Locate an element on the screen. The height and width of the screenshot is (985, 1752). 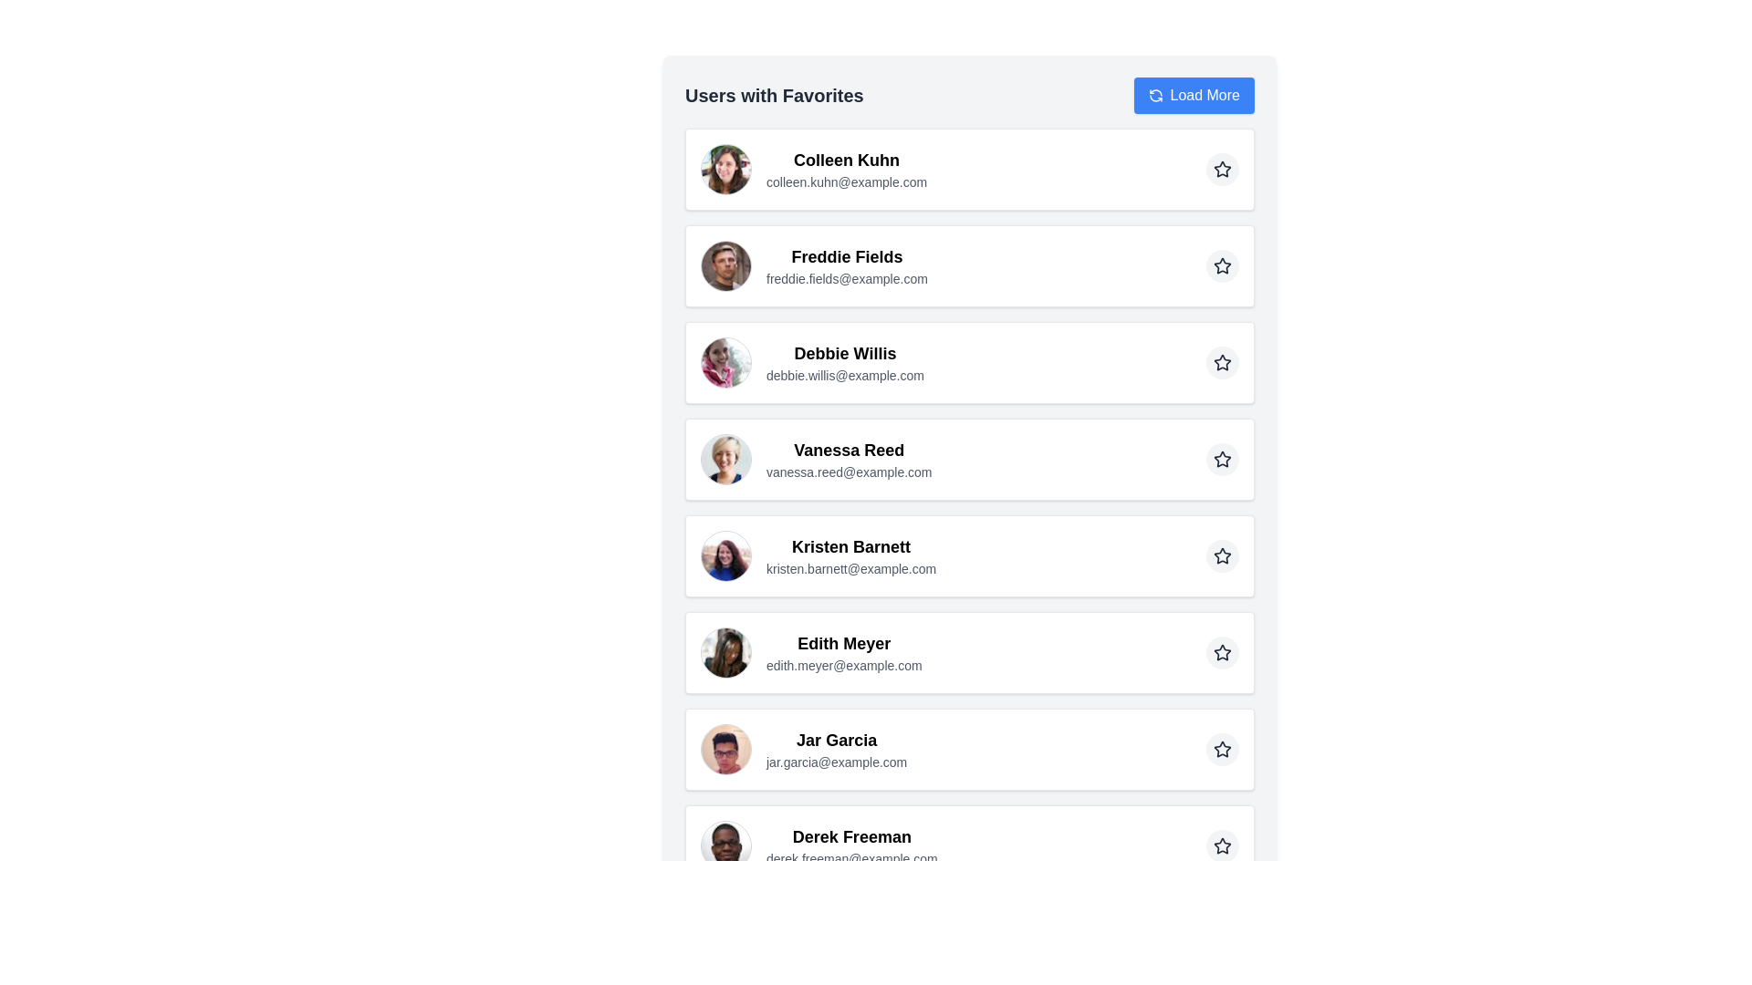
the circular avatar image of Debbie Willis, which is located left of her name and email in the user list is located at coordinates (725, 362).